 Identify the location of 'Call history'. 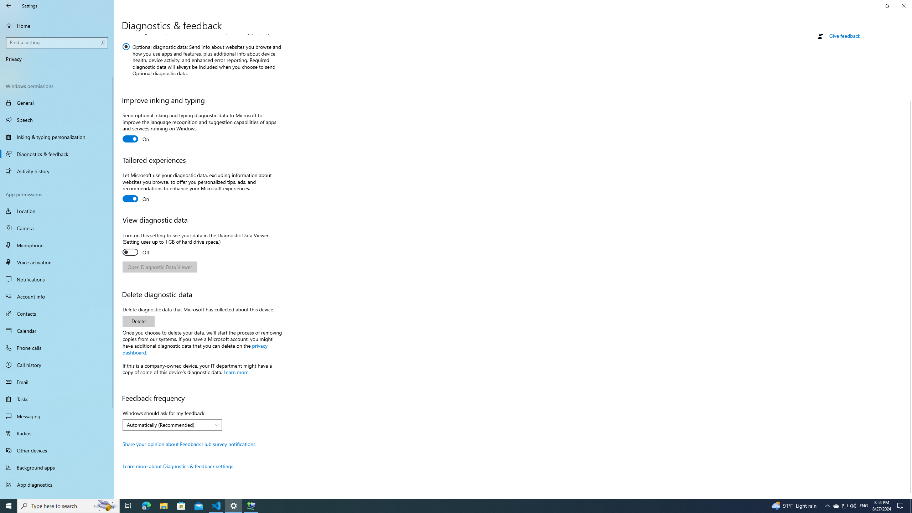
(57, 364).